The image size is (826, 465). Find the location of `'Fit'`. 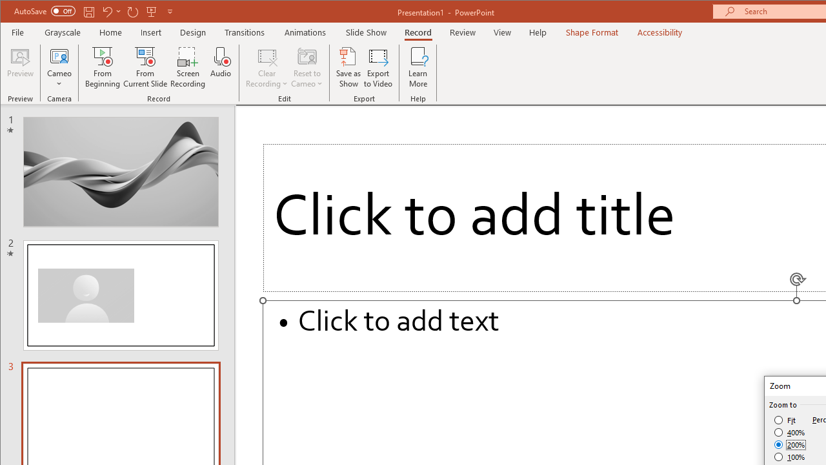

'Fit' is located at coordinates (785, 420).